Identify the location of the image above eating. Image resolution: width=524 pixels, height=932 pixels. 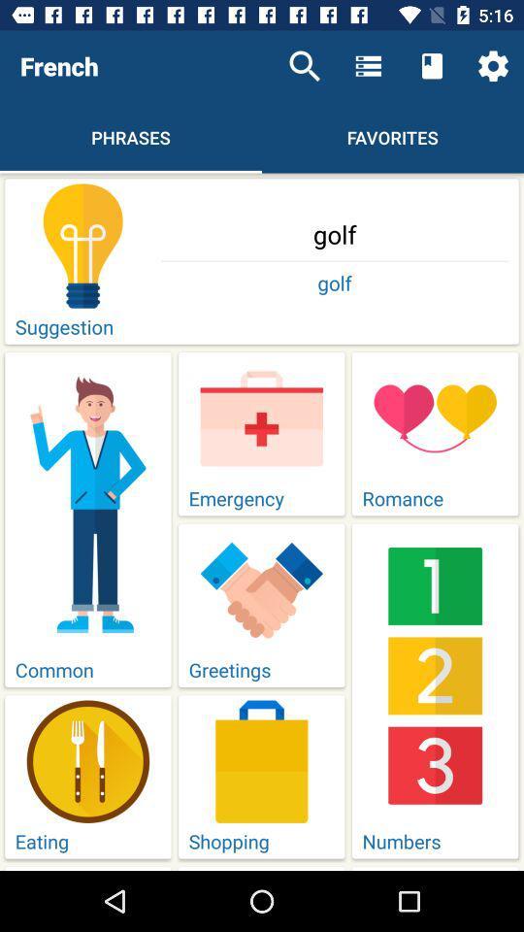
(86, 761).